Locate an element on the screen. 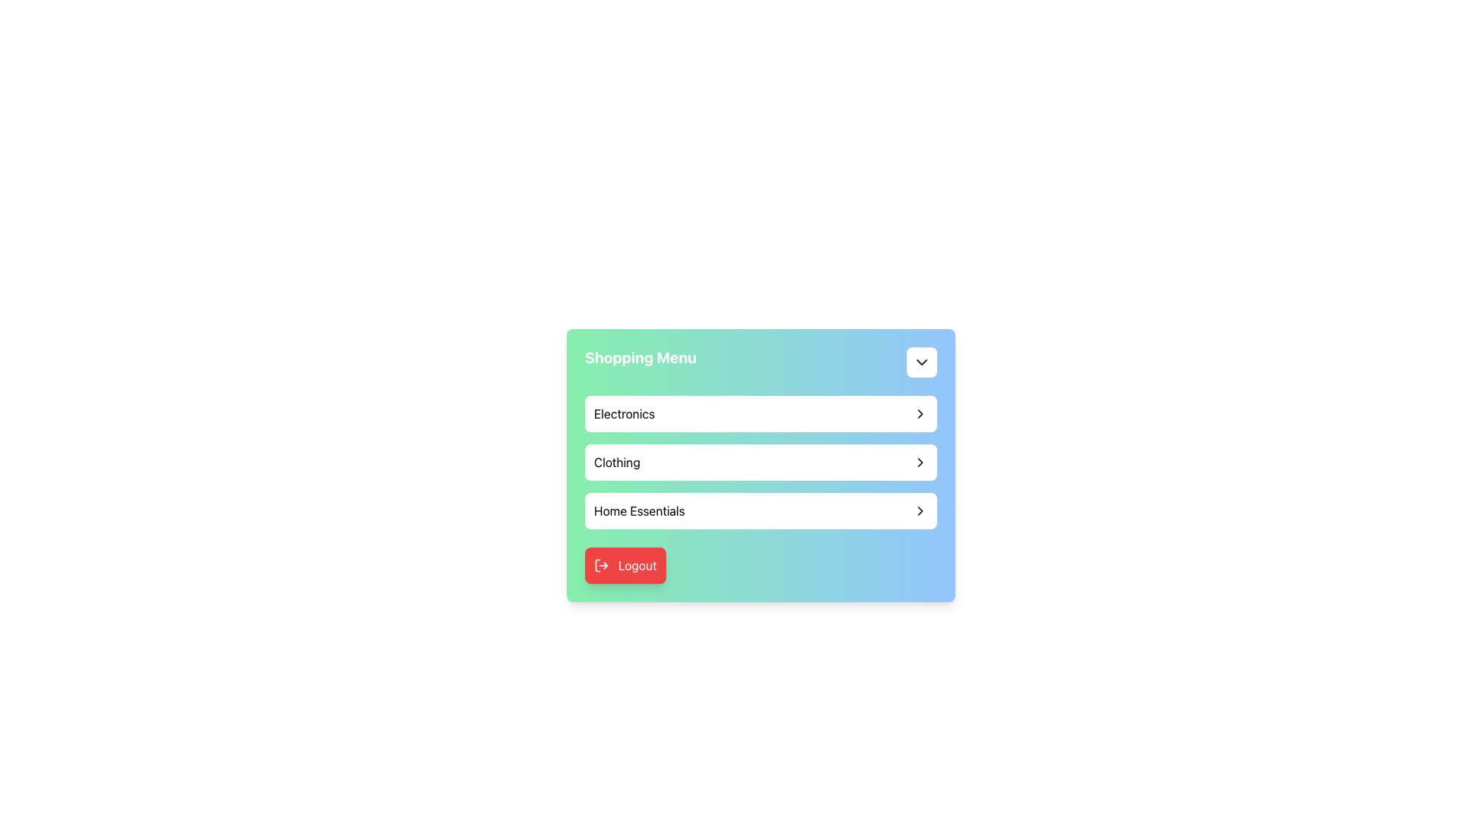  the second menu entry labeled 'Clothing' in the 'Shopping Menu' is located at coordinates (761, 461).